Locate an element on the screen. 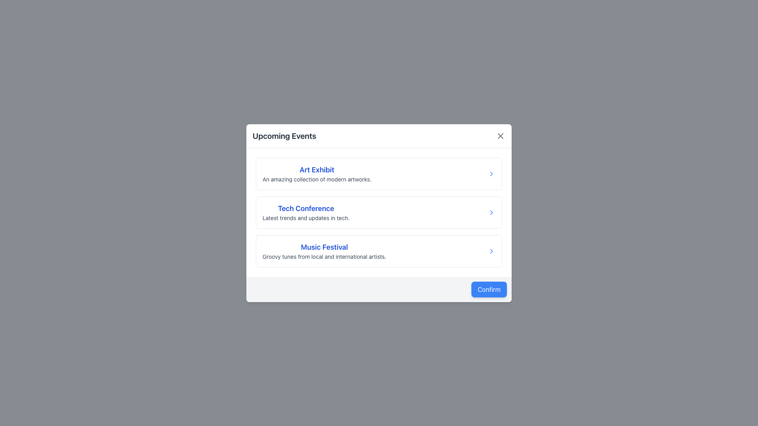 The width and height of the screenshot is (758, 426). the summary entry for the music festival event, which is the third entry in a list of similar elements is located at coordinates (379, 251).